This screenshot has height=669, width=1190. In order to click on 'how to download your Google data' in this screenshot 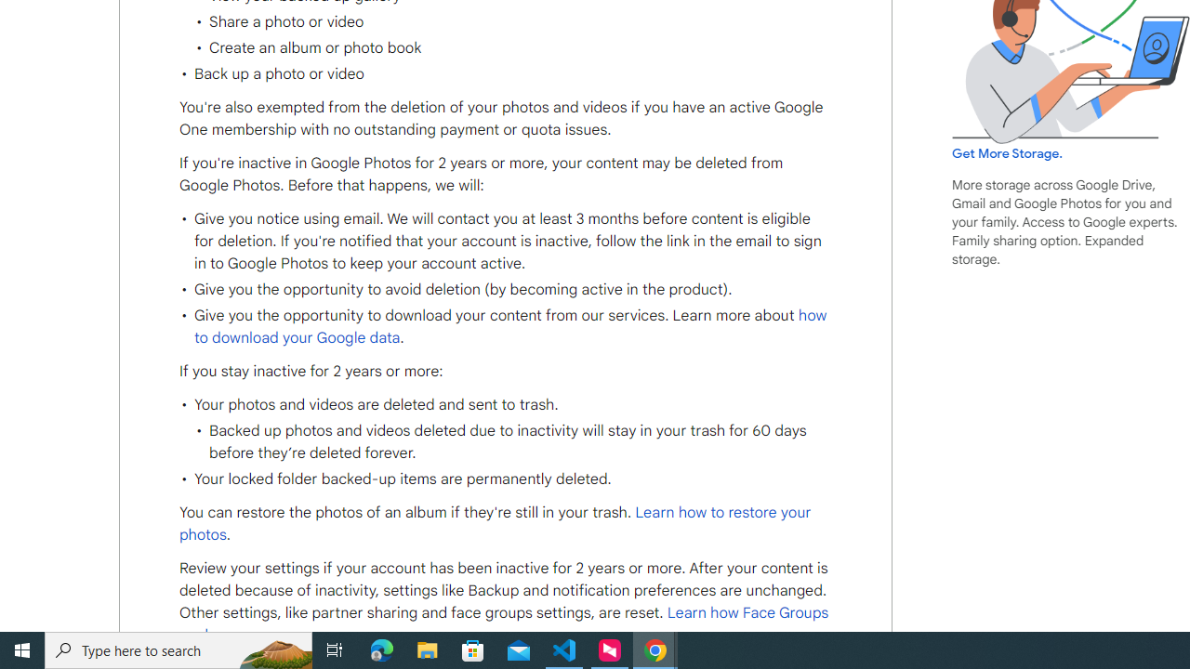, I will do `click(510, 325)`.